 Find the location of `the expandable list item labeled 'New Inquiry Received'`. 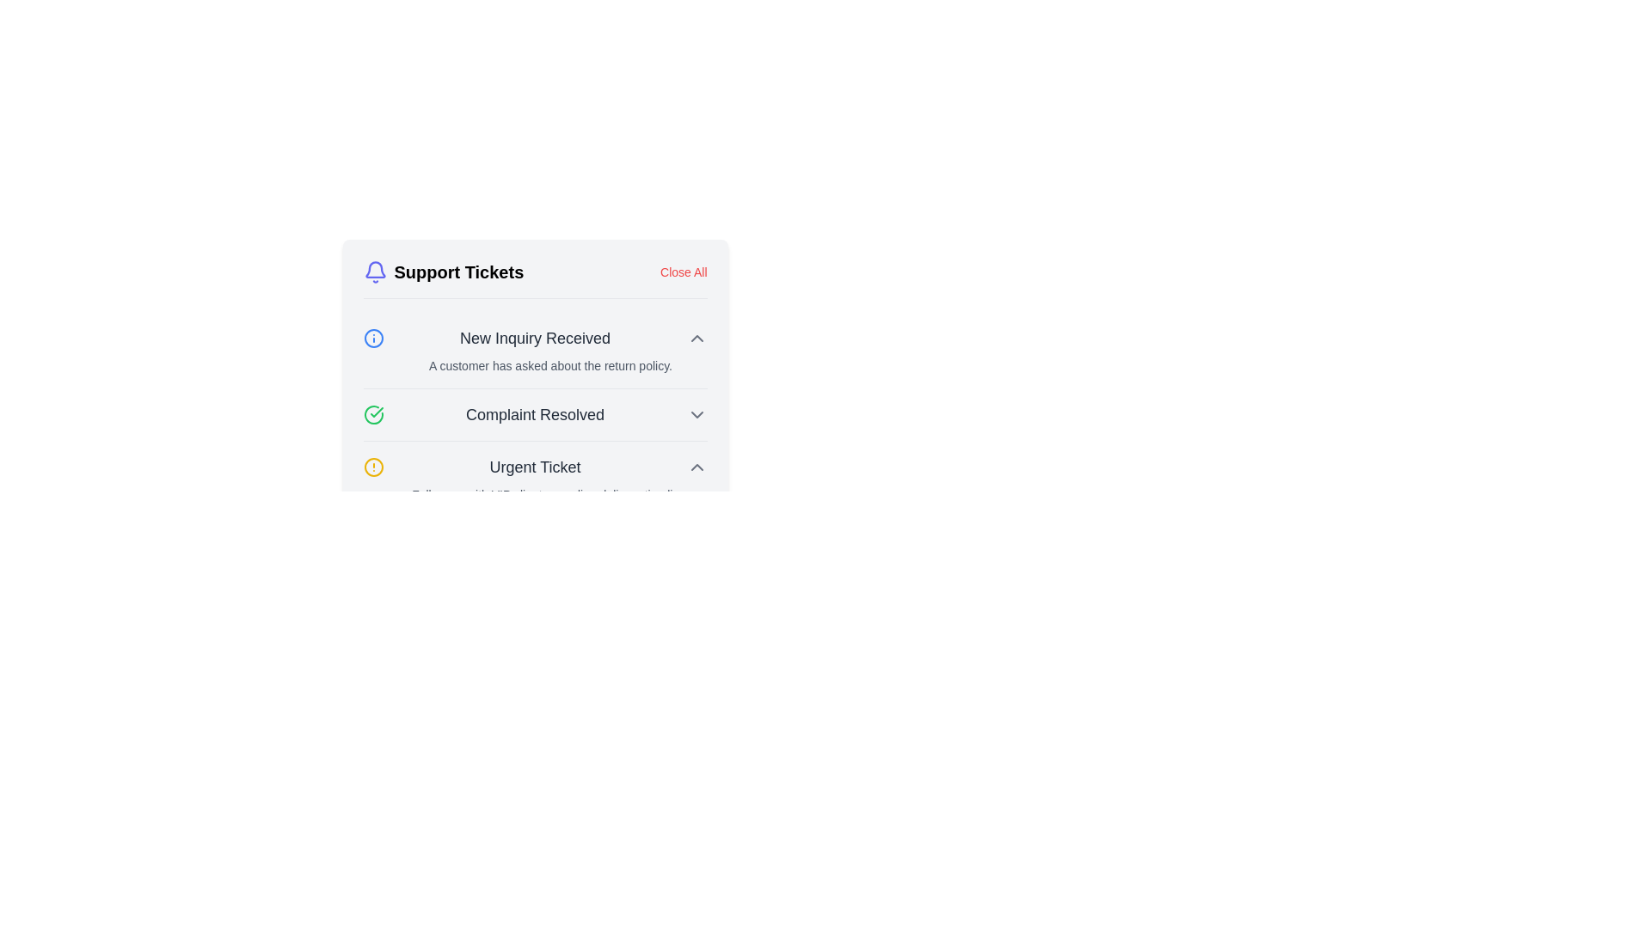

the expandable list item labeled 'New Inquiry Received' is located at coordinates (534, 338).